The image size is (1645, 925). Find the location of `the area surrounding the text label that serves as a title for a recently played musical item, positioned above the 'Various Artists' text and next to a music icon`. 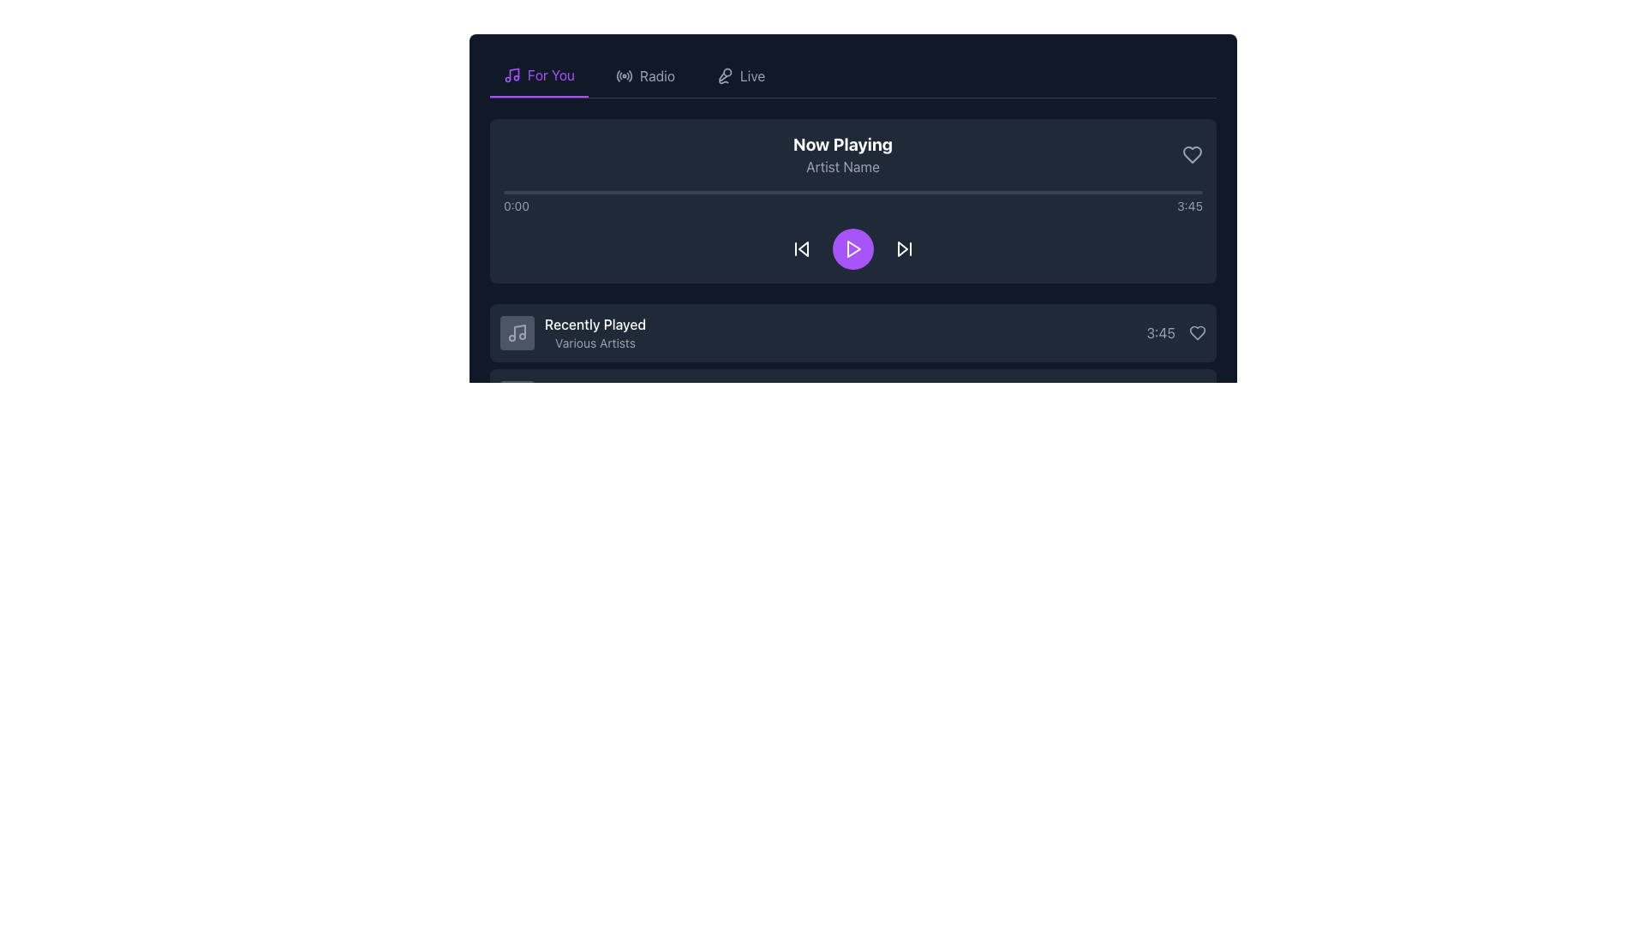

the area surrounding the text label that serves as a title for a recently played musical item, positioned above the 'Various Artists' text and next to a music icon is located at coordinates (595, 324).